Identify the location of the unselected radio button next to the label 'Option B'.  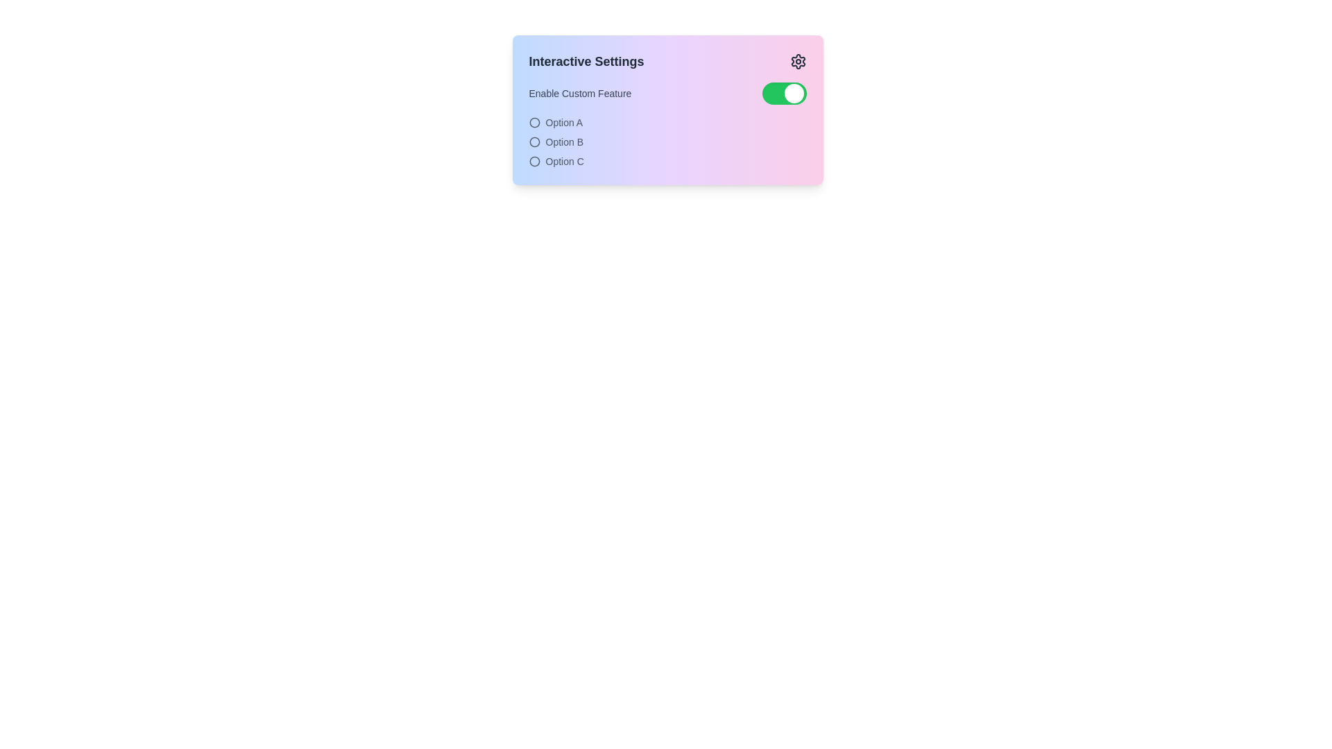
(533, 141).